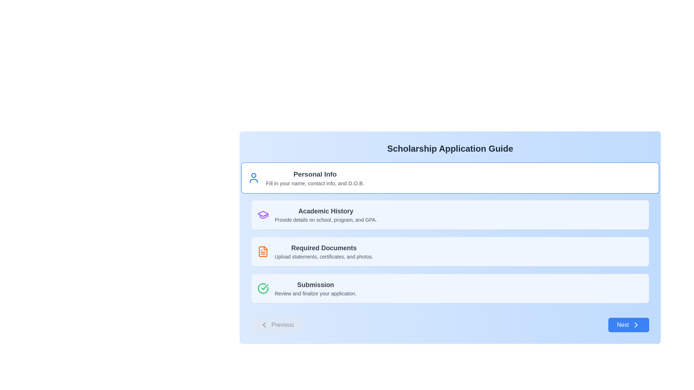 The height and width of the screenshot is (390, 694). Describe the element at coordinates (263, 251) in the screenshot. I see `the orange document icon with a folded top right corner and three horizontal lines, located in the 'Required Documents' section of the main list` at that location.